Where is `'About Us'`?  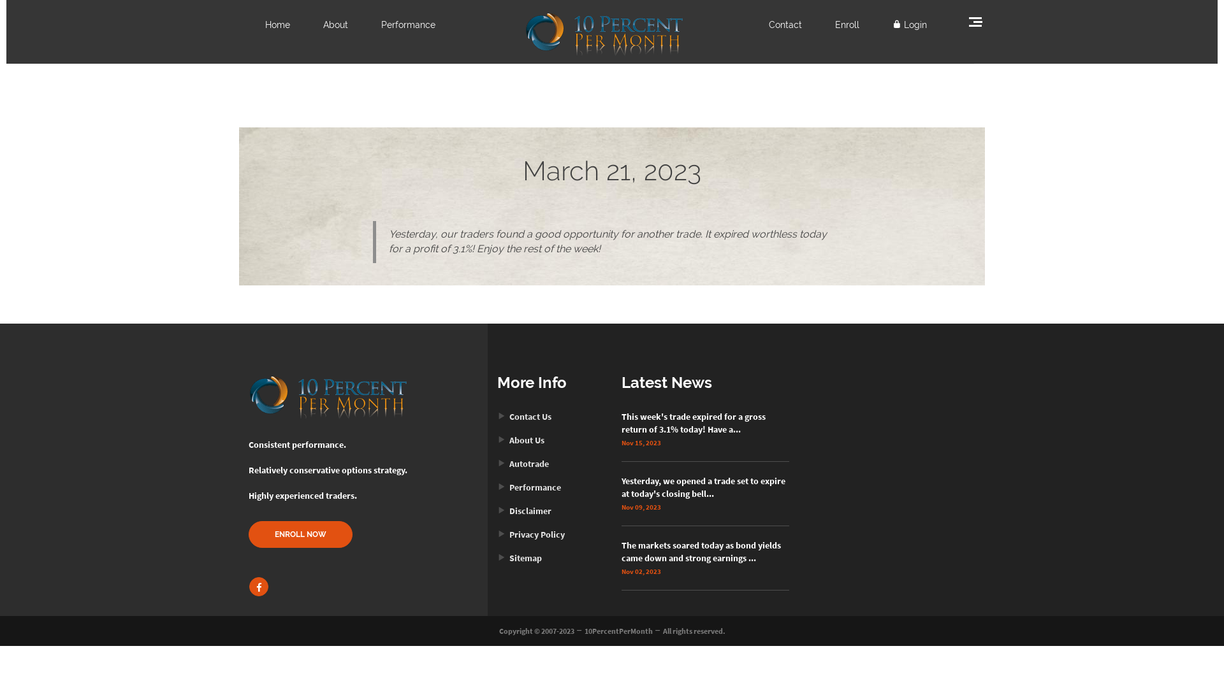 'About Us' is located at coordinates (520, 439).